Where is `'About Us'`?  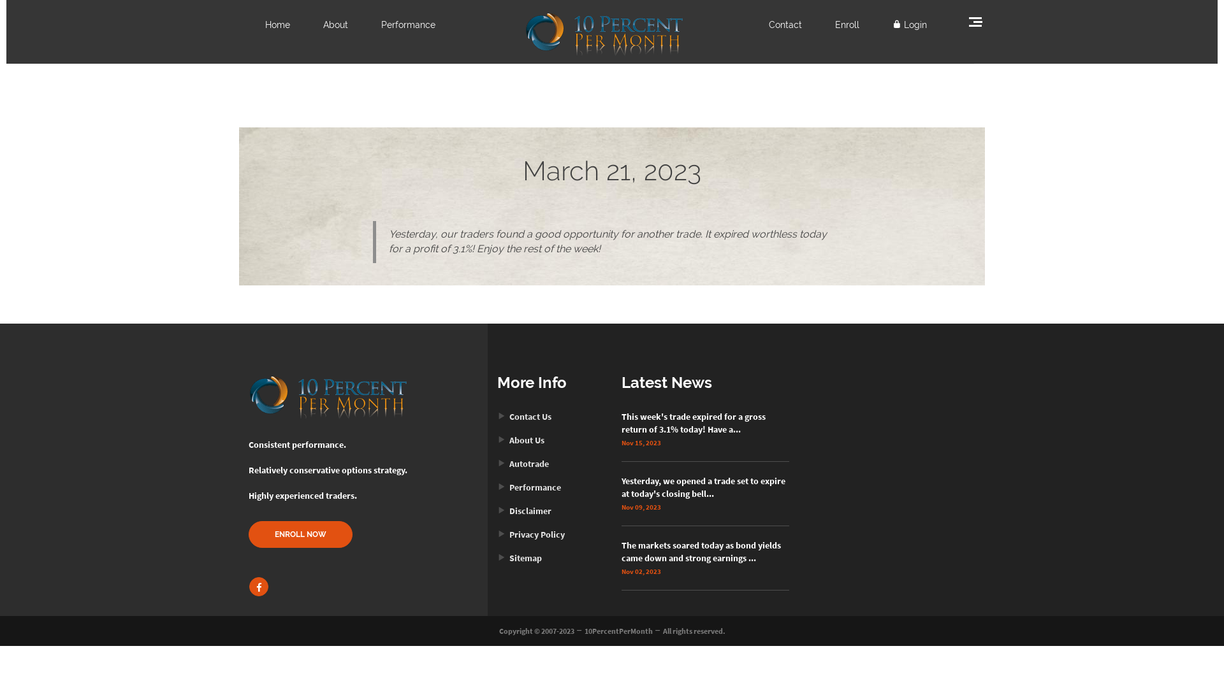 'About Us' is located at coordinates (520, 439).